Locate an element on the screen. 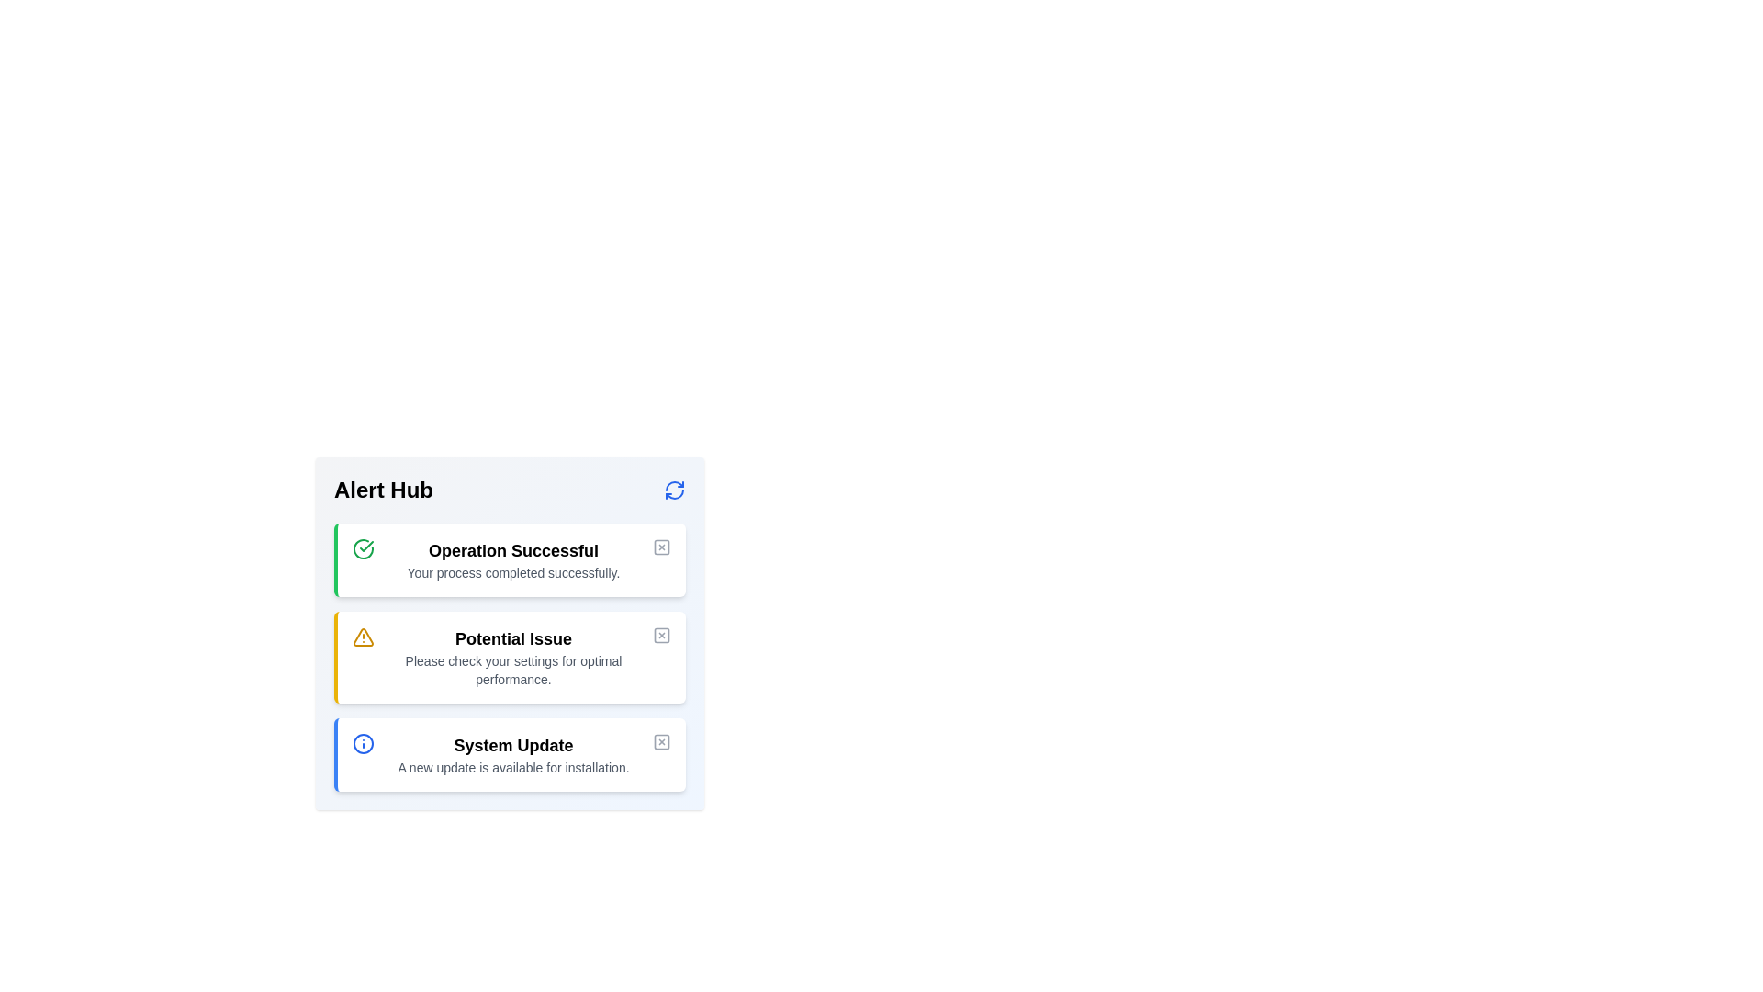 Image resolution: width=1763 pixels, height=992 pixels. the rectangular shape with rounded corners located at the top-right corner of the 'Operation Successful' notification card, which serves as a background or frame within the design is located at coordinates (661, 547).